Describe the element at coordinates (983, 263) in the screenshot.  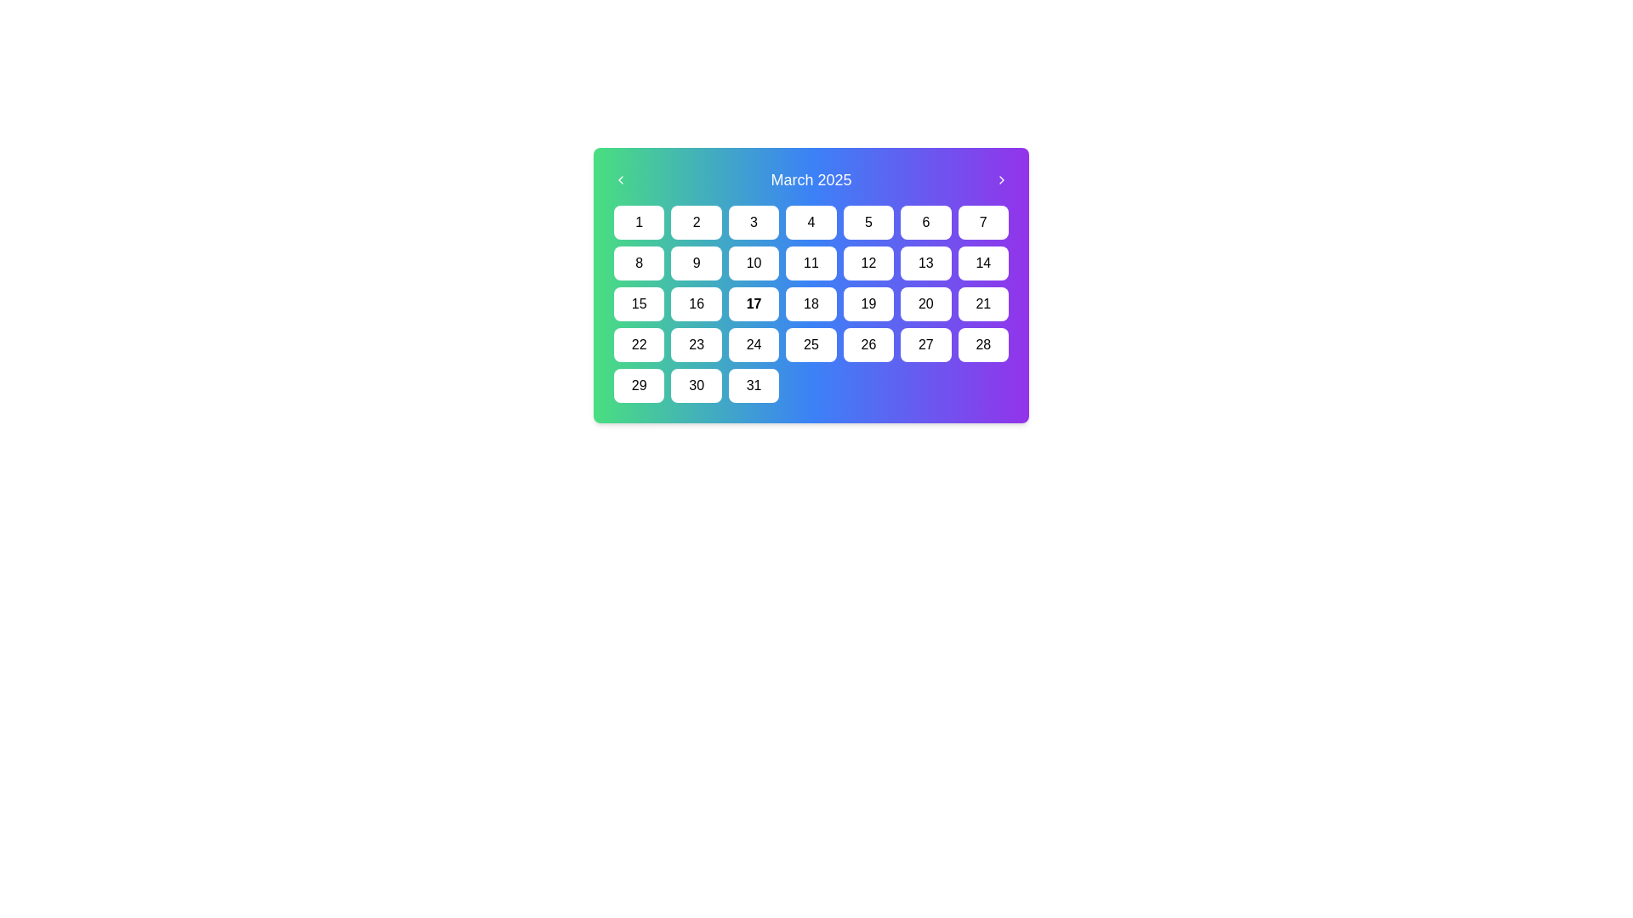
I see `the Calendar day cell representing the 14th day of the month` at that location.